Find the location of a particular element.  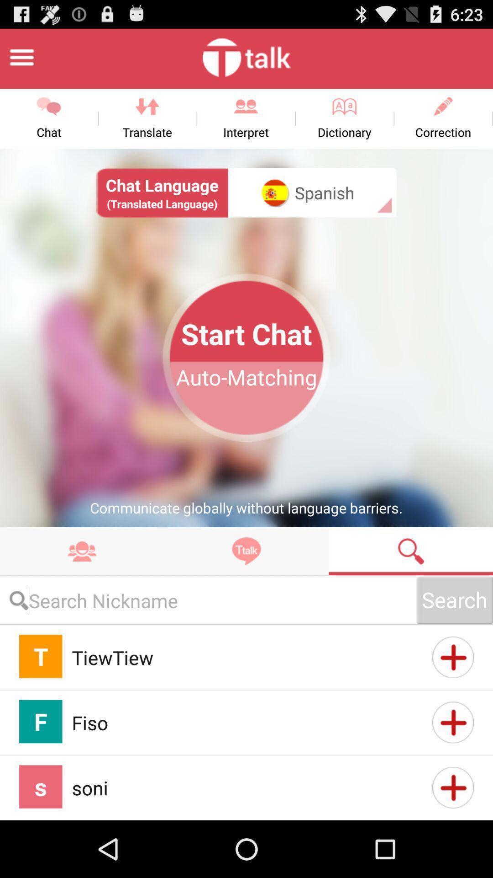

to contacts is located at coordinates (453, 722).